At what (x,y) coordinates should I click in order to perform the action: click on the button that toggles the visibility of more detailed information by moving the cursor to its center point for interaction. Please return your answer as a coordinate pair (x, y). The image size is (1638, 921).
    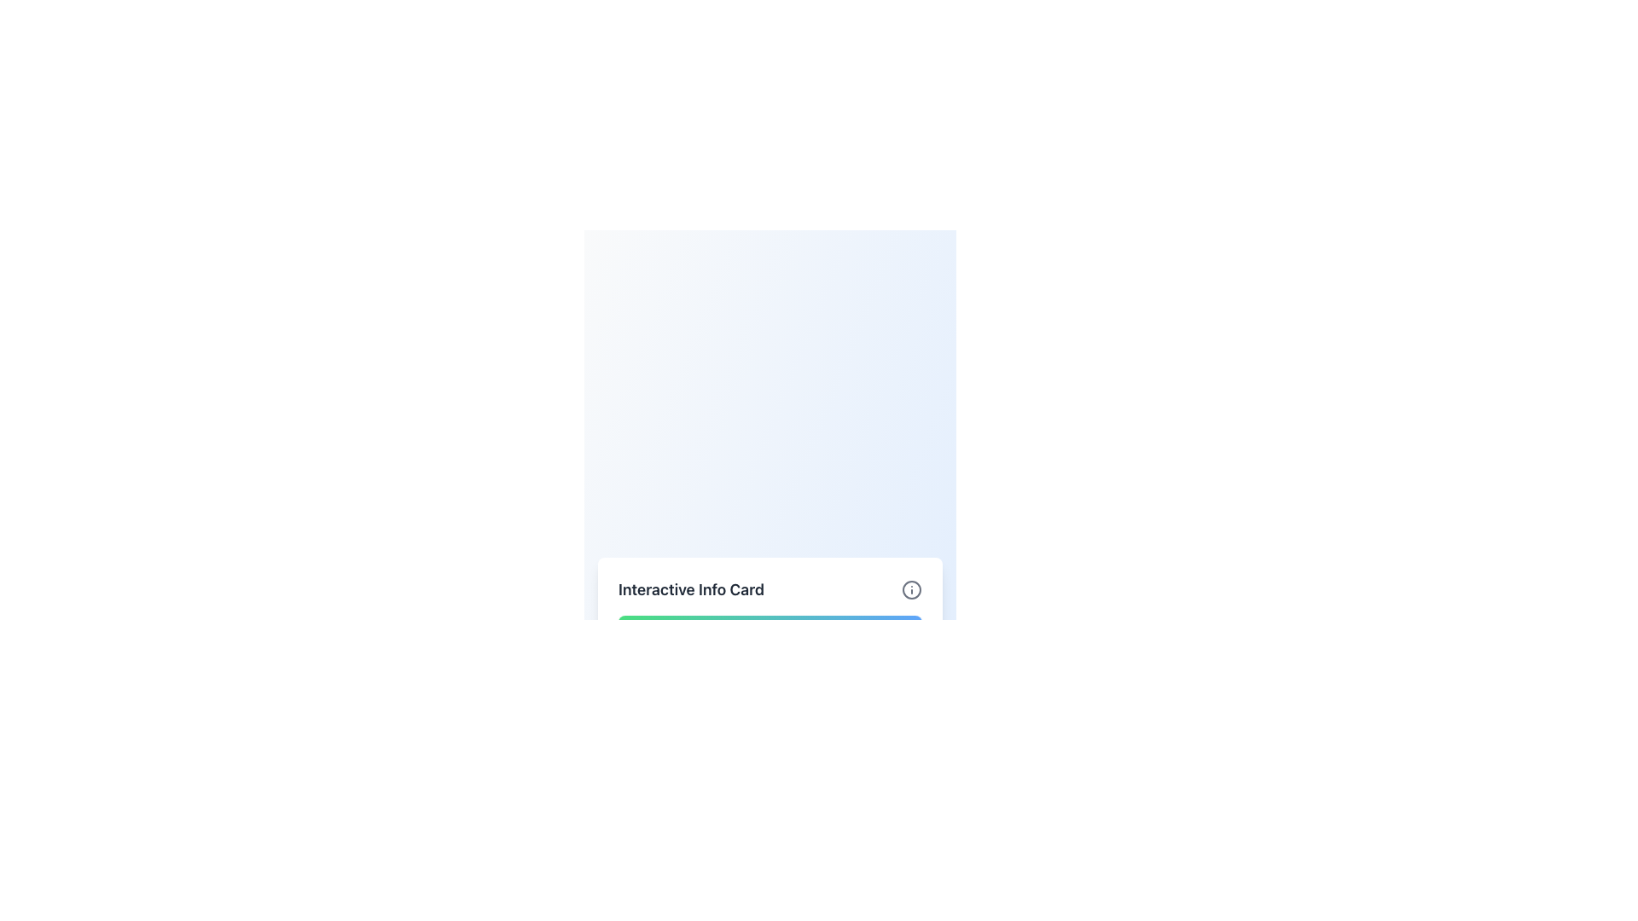
    Looking at the image, I should click on (769, 631).